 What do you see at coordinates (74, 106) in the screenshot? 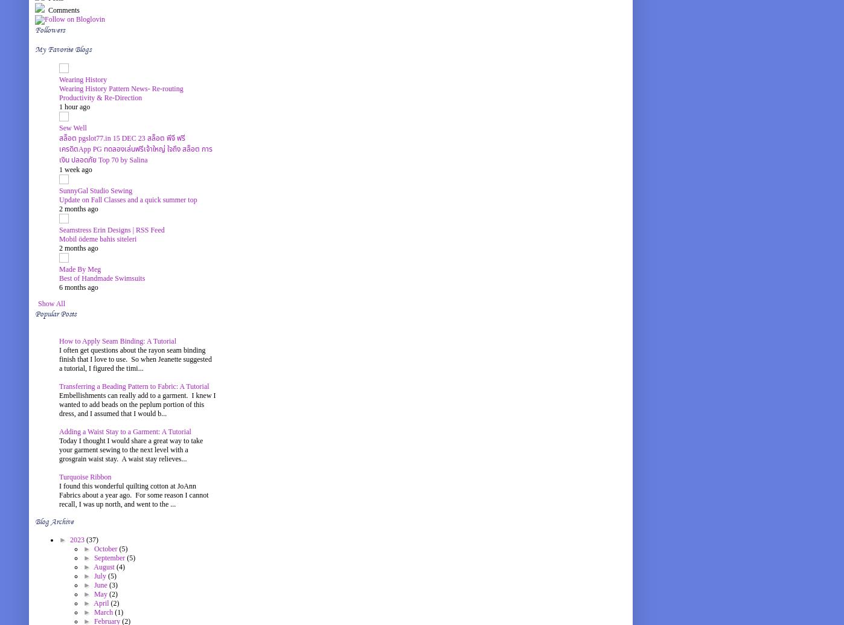
I see `'1 hour ago'` at bounding box center [74, 106].